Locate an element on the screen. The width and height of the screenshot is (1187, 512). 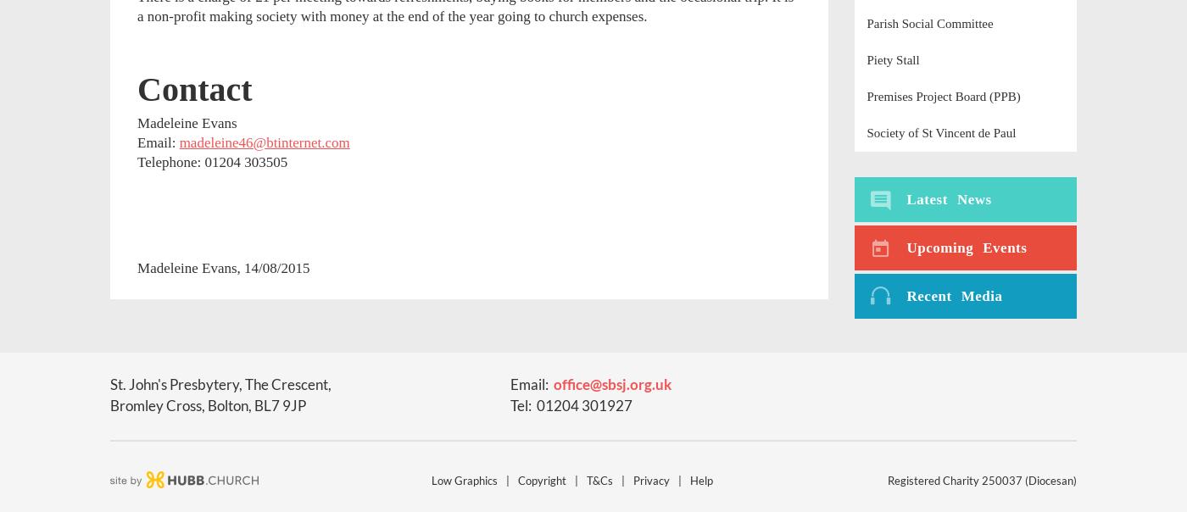
'St. John's Presbytery, The Crescent,' is located at coordinates (220, 384).